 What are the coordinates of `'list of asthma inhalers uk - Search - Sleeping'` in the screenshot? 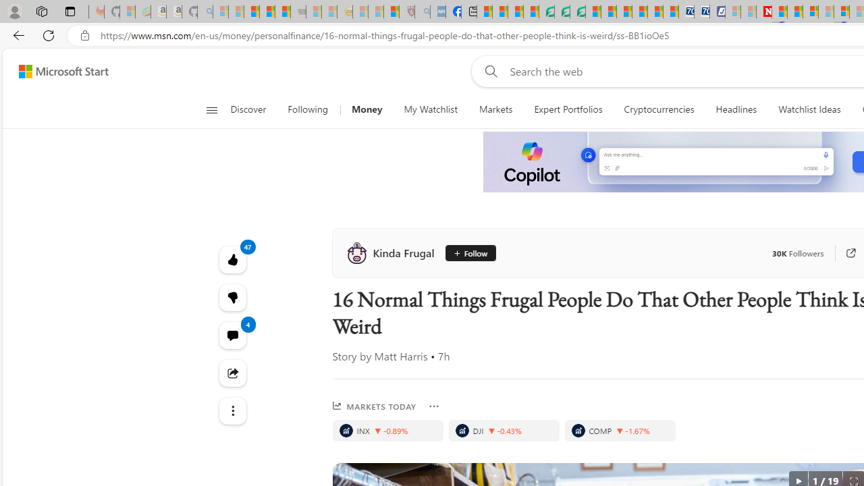 It's located at (421, 11).